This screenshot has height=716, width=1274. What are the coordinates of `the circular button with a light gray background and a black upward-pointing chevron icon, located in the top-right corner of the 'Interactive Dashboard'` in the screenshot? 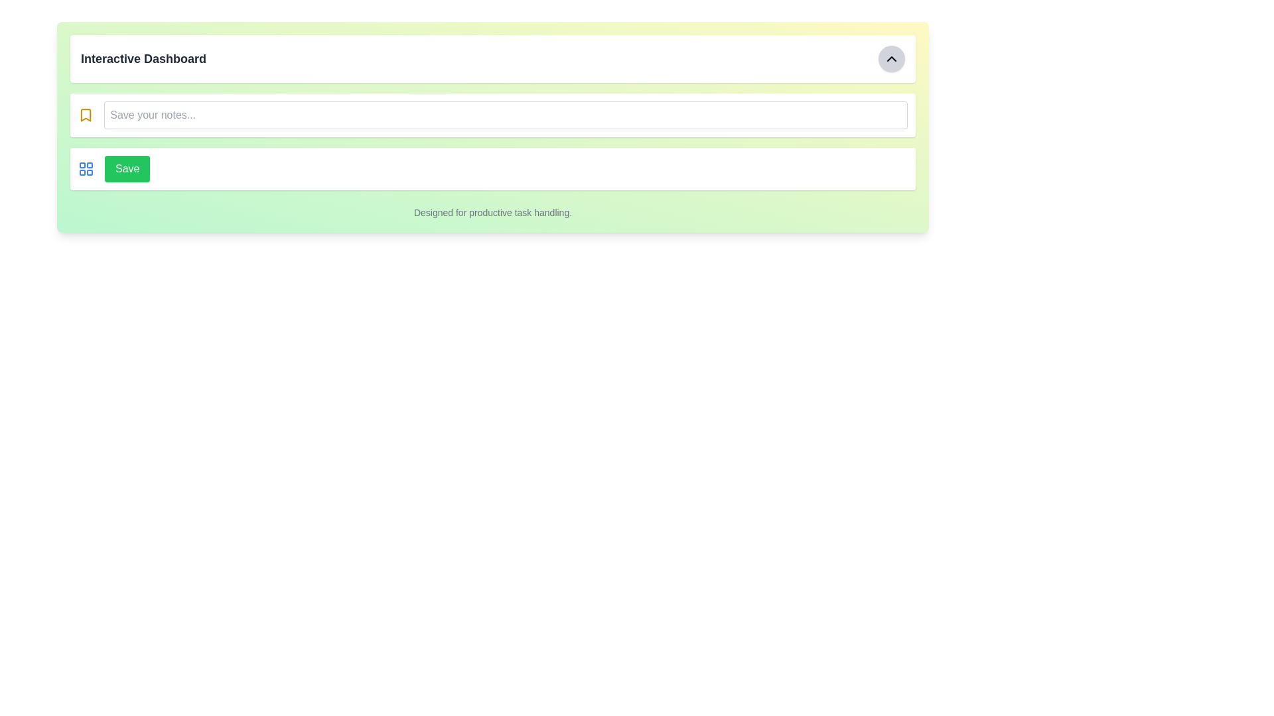 It's located at (892, 58).